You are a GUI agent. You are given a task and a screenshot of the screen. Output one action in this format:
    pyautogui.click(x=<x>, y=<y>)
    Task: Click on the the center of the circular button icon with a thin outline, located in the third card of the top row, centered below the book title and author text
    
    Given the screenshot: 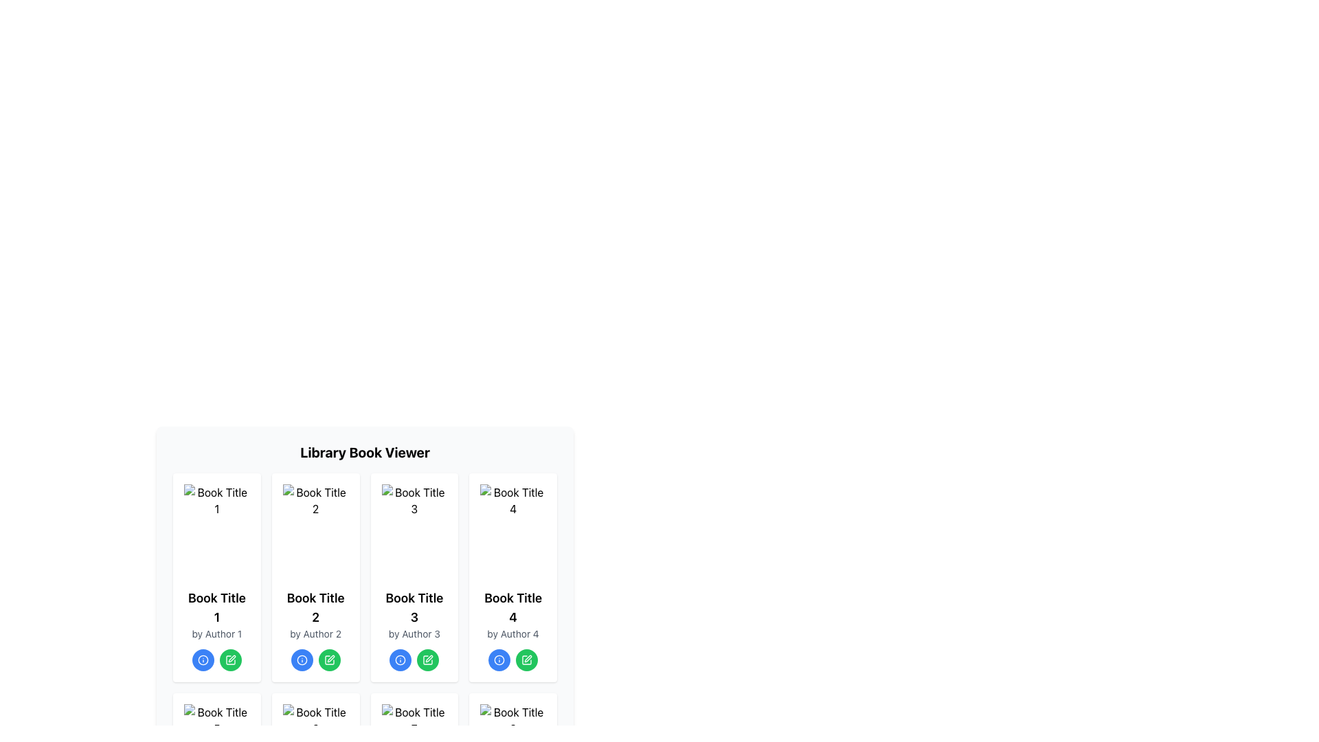 What is the action you would take?
    pyautogui.click(x=400, y=659)
    